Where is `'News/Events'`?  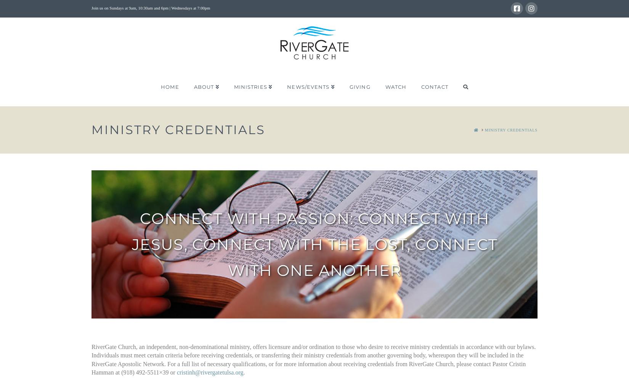
'News/Events' is located at coordinates (308, 86).